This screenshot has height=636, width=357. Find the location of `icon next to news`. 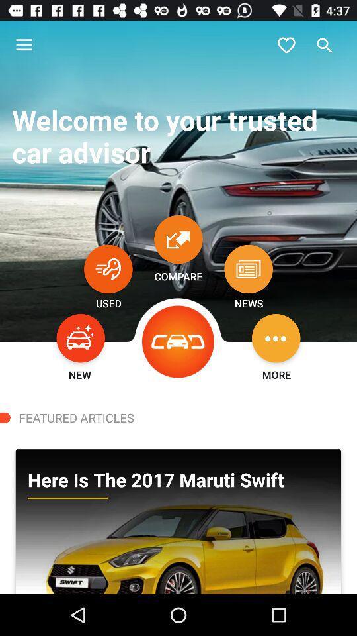

icon next to news is located at coordinates (178, 341).